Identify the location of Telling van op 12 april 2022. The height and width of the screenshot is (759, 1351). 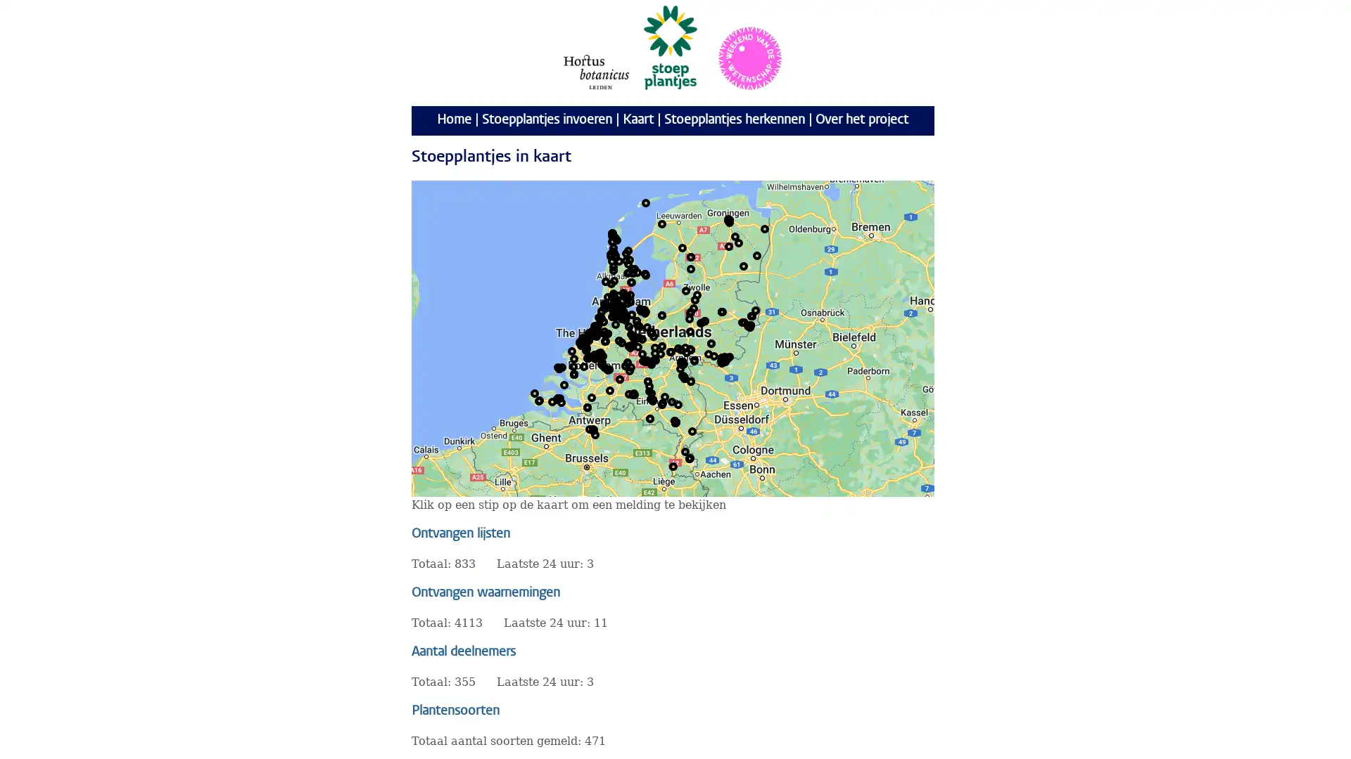
(618, 294).